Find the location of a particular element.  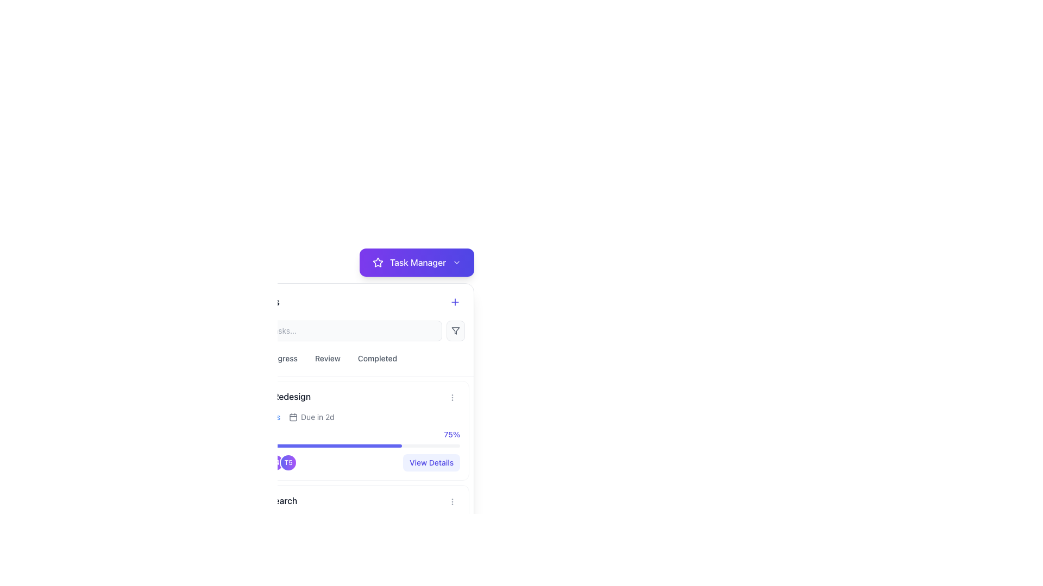

the add or create new item button located in the top-right corner of the task listings section is located at coordinates (455, 302).